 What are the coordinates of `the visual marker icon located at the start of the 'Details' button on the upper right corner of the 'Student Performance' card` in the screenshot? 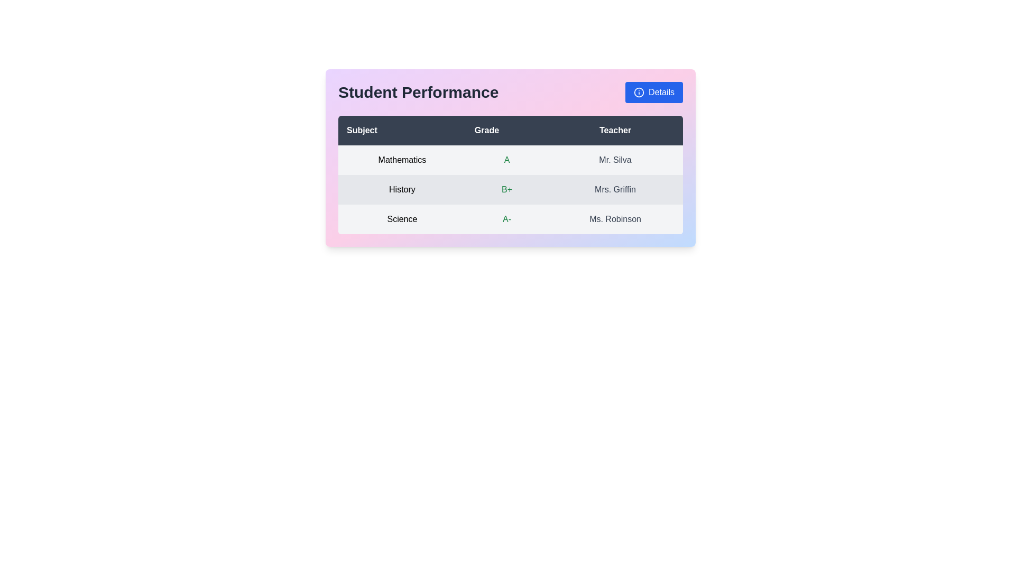 It's located at (639, 91).